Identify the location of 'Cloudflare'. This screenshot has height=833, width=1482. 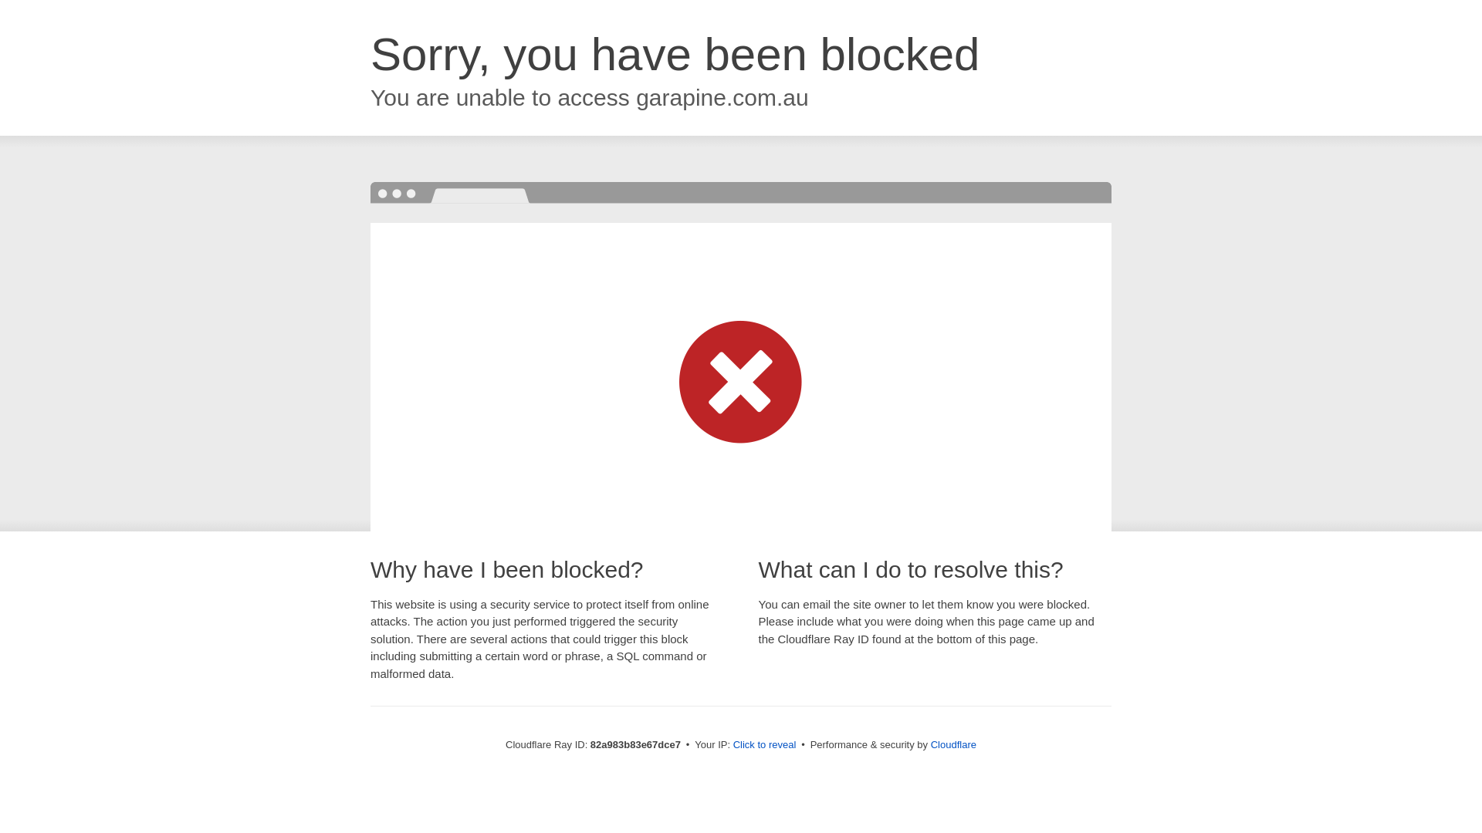
(952, 744).